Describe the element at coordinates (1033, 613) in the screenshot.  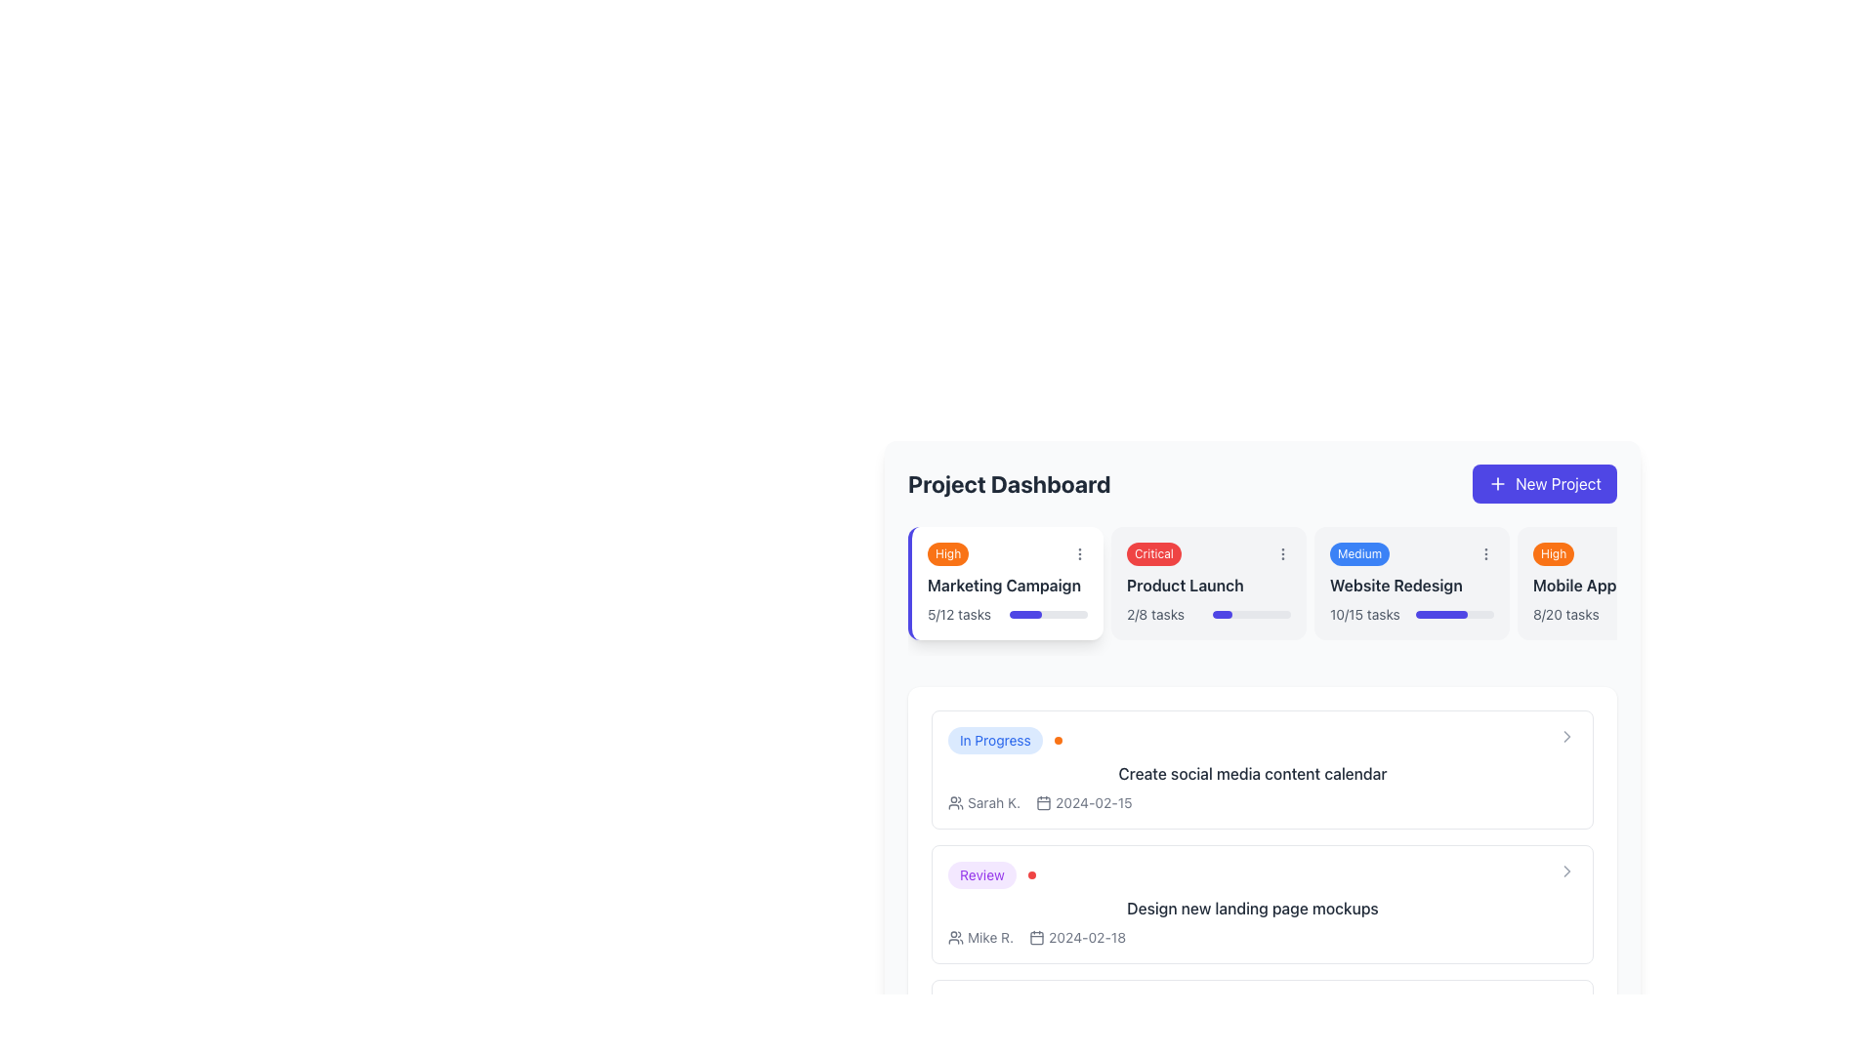
I see `progress on the bar` at that location.